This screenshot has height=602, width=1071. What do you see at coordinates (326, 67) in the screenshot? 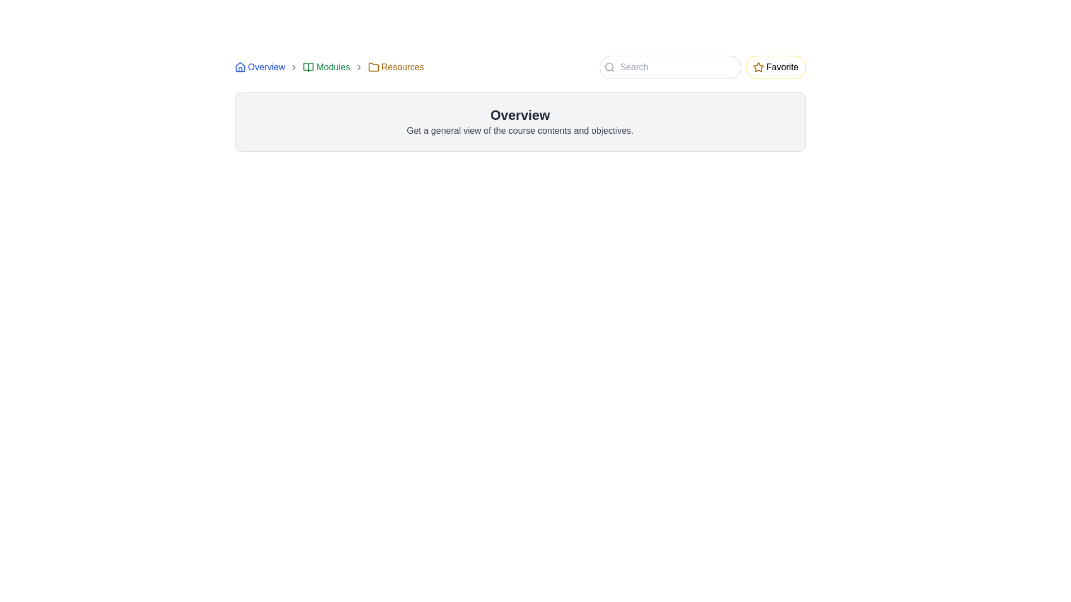
I see `the green-colored link labeled 'Modules' with an icon resembling an open book to trigger the hover effect that changes its color to a darker green` at bounding box center [326, 67].